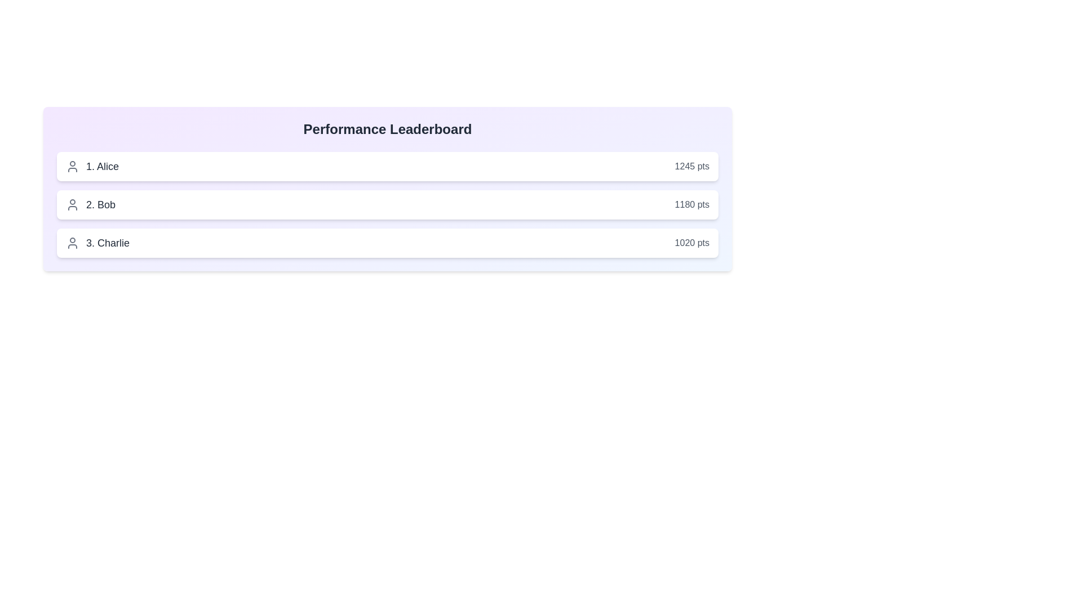 This screenshot has width=1082, height=608. Describe the element at coordinates (91, 204) in the screenshot. I see `the user's name Bob` at that location.